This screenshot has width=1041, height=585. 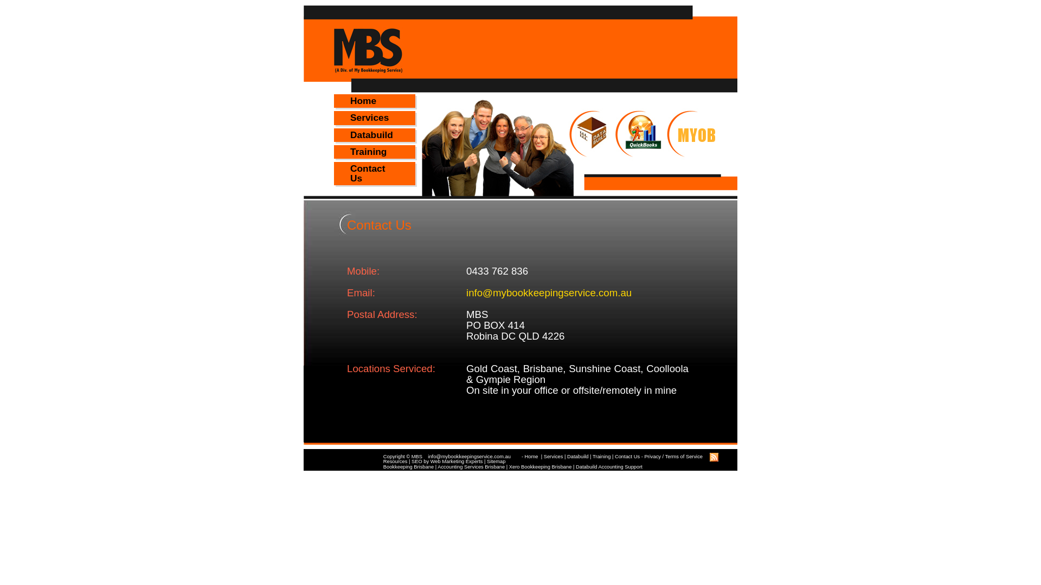 I want to click on 'Contact Us', so click(x=375, y=173).